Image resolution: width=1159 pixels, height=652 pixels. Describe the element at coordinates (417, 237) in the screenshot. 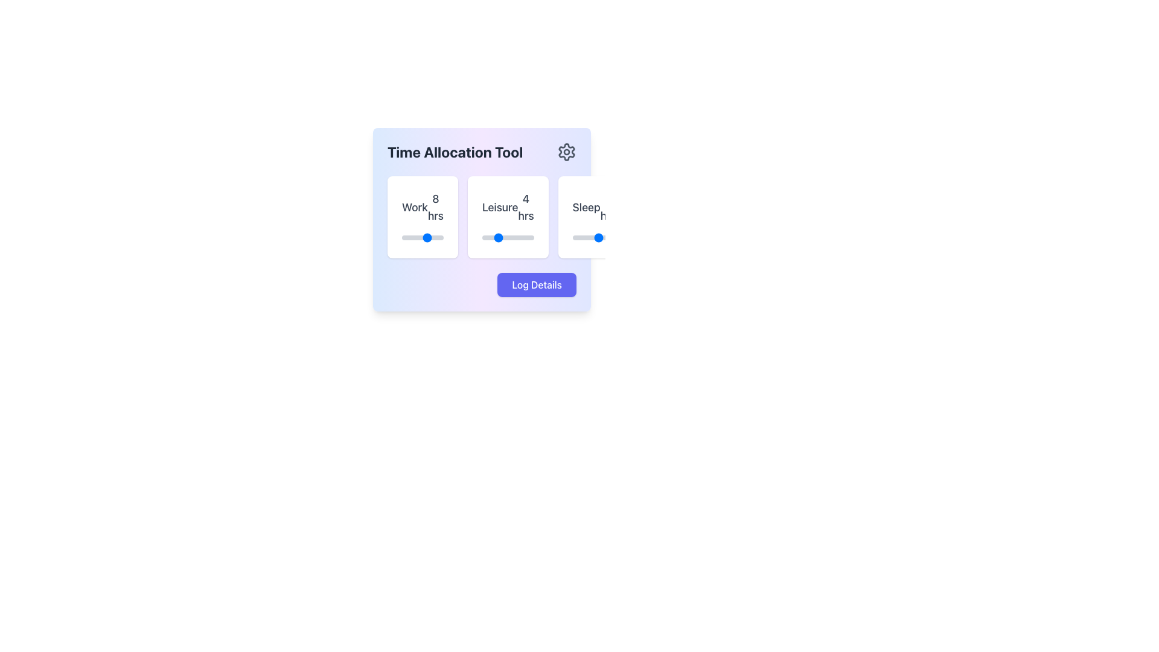

I see `work hours` at that location.